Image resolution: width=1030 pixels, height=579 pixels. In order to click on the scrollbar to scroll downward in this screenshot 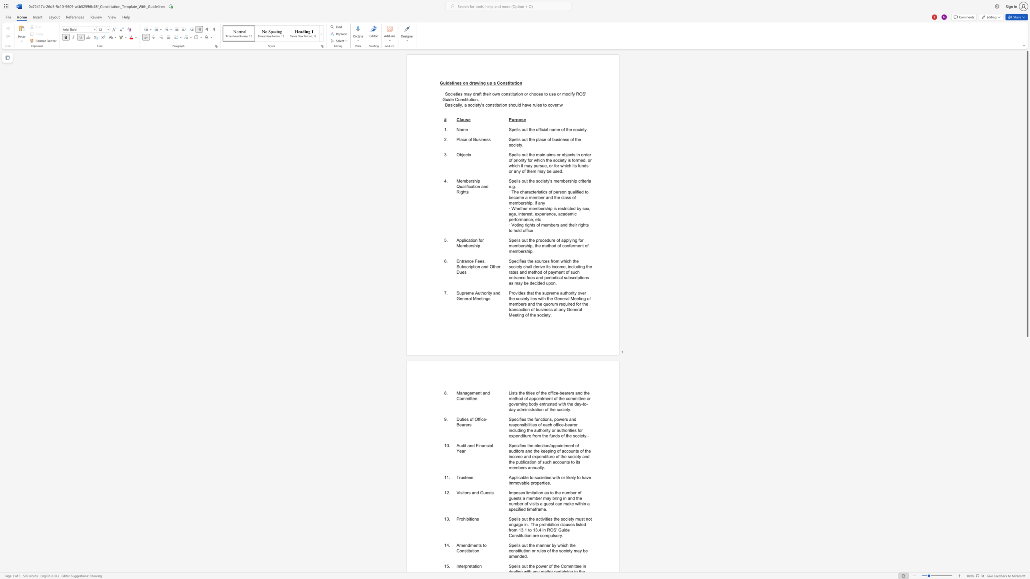, I will do `click(1027, 463)`.